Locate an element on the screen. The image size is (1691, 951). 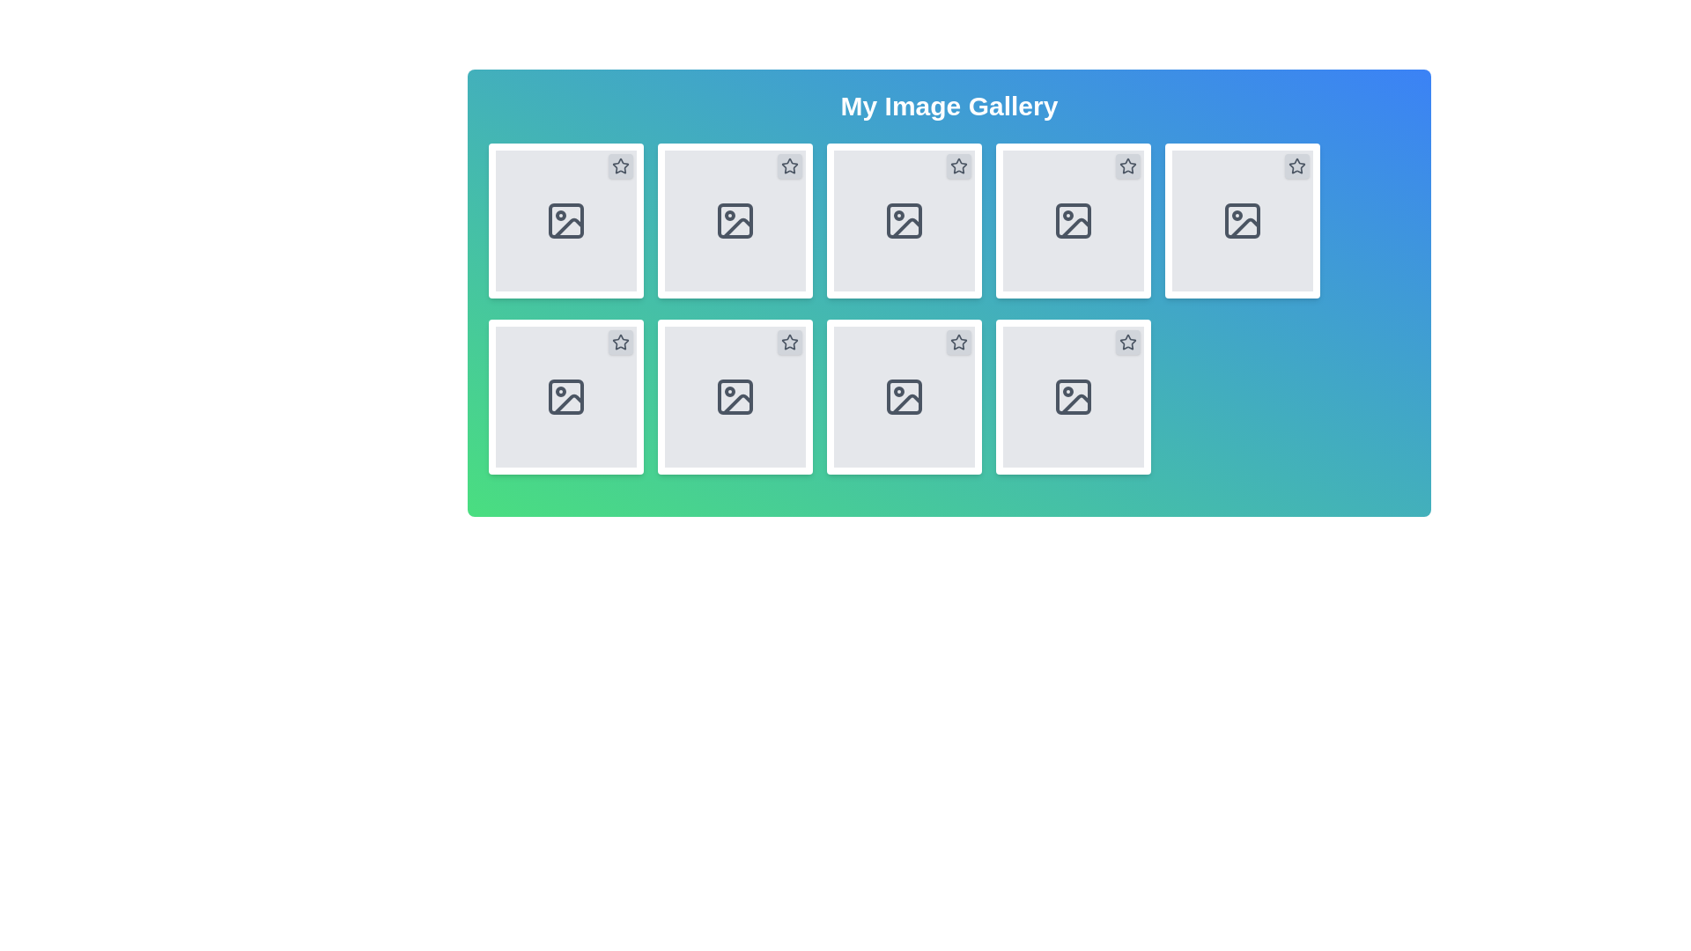
the star-shaped interactive icon button with a gray color, located at the top right corner of the white square card in the grid layout is located at coordinates (958, 166).